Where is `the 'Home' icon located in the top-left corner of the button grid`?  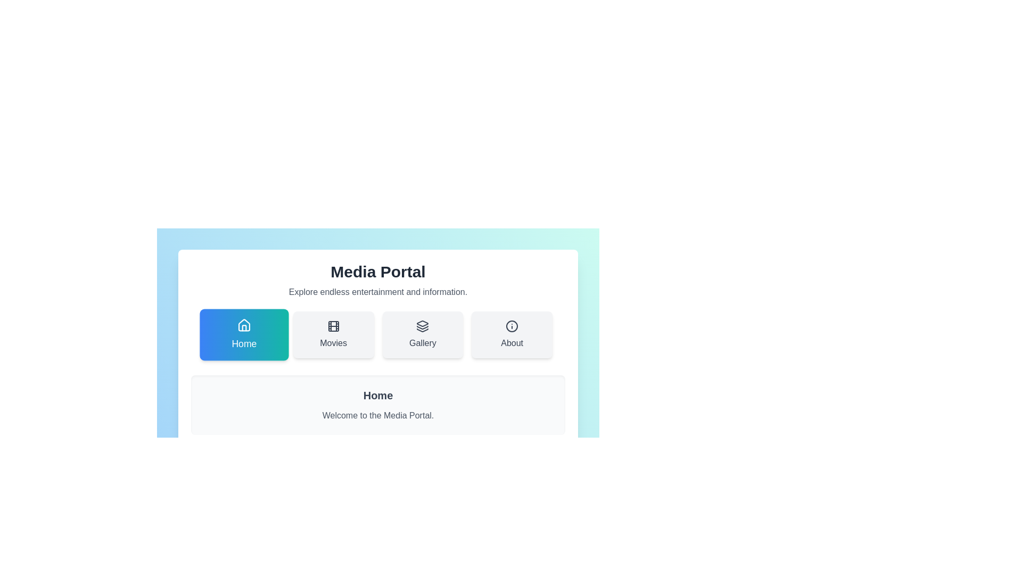 the 'Home' icon located in the top-left corner of the button grid is located at coordinates (243, 325).